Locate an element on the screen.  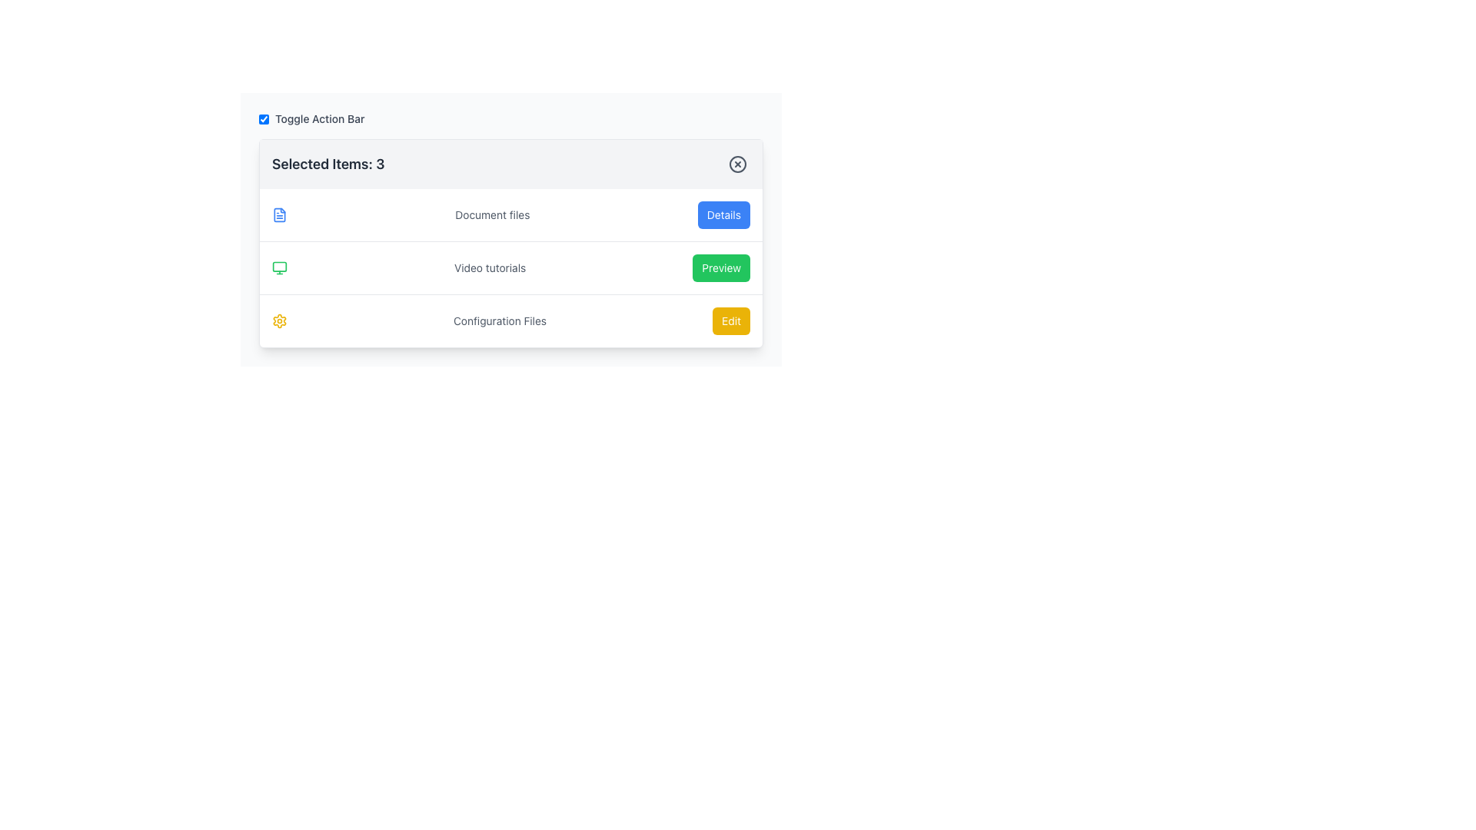
the text label 'Video tutorials' located in the second row of the selected items list, which features a green monitor icon on the left and a green 'Preview' button on the right is located at coordinates (511, 266).